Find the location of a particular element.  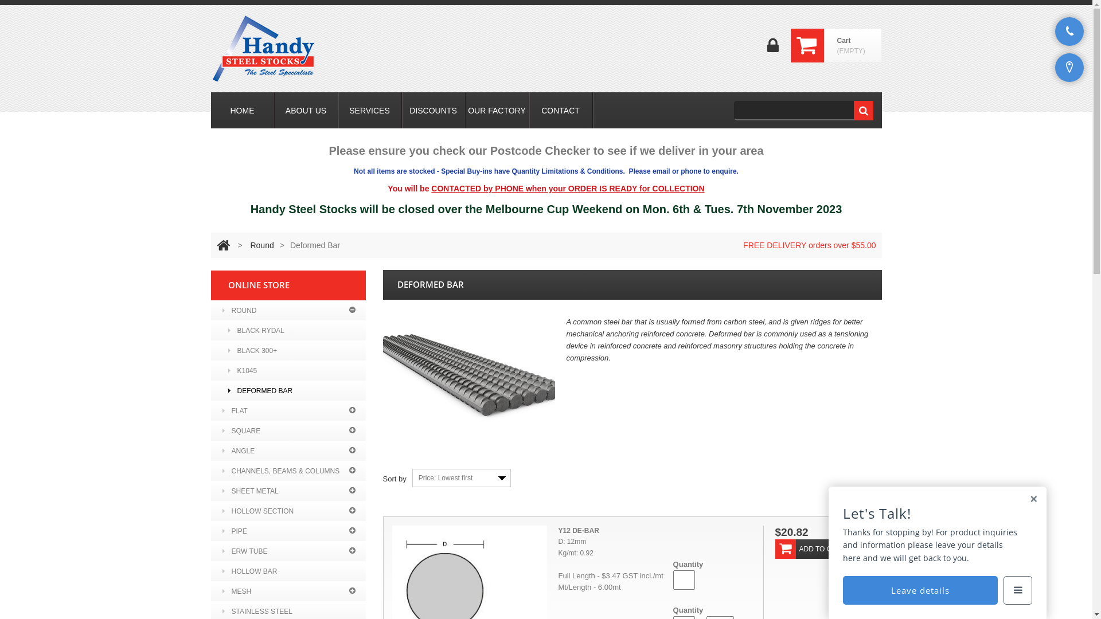

'FLAT' is located at coordinates (288, 410).